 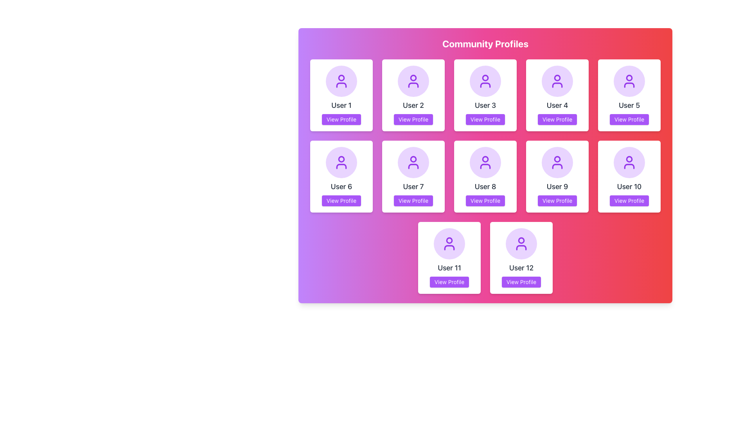 What do you see at coordinates (413, 162) in the screenshot?
I see `the circular Avatar with a purple background featuring a user icon in the center, located in the third column, second row of the grid layout` at bounding box center [413, 162].